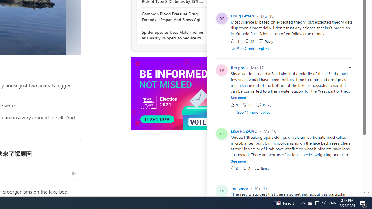  I want to click on '6 Like', so click(234, 168).